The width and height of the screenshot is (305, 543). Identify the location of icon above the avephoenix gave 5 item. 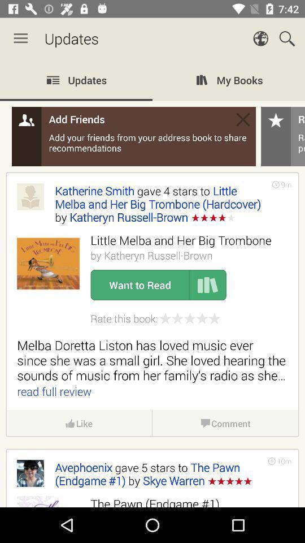
(79, 423).